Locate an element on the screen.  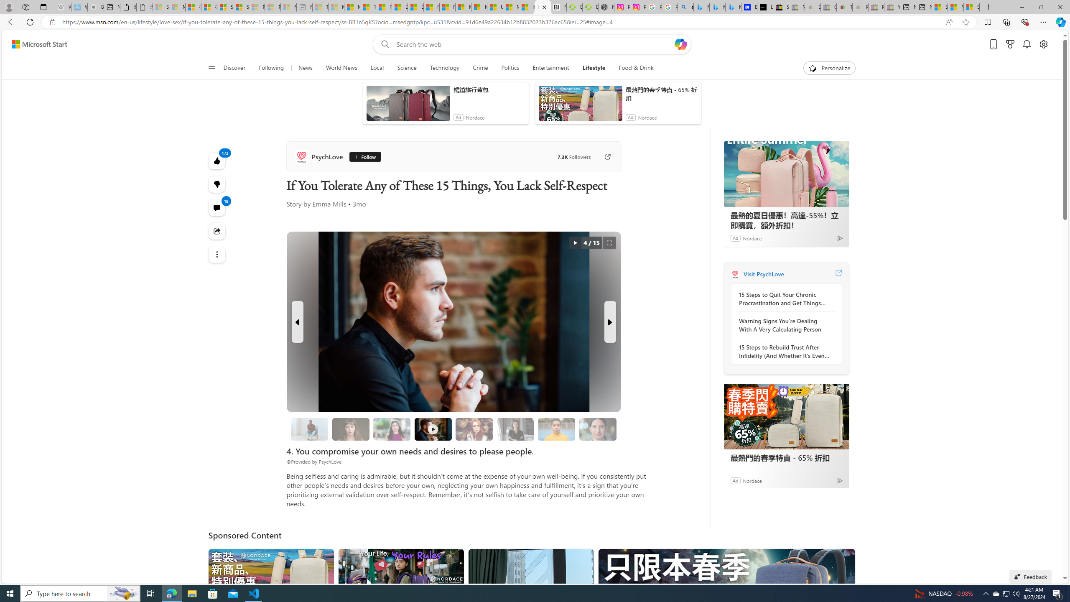
'Payments Terms of Use | eBay.com - Sleeping' is located at coordinates (860, 7).